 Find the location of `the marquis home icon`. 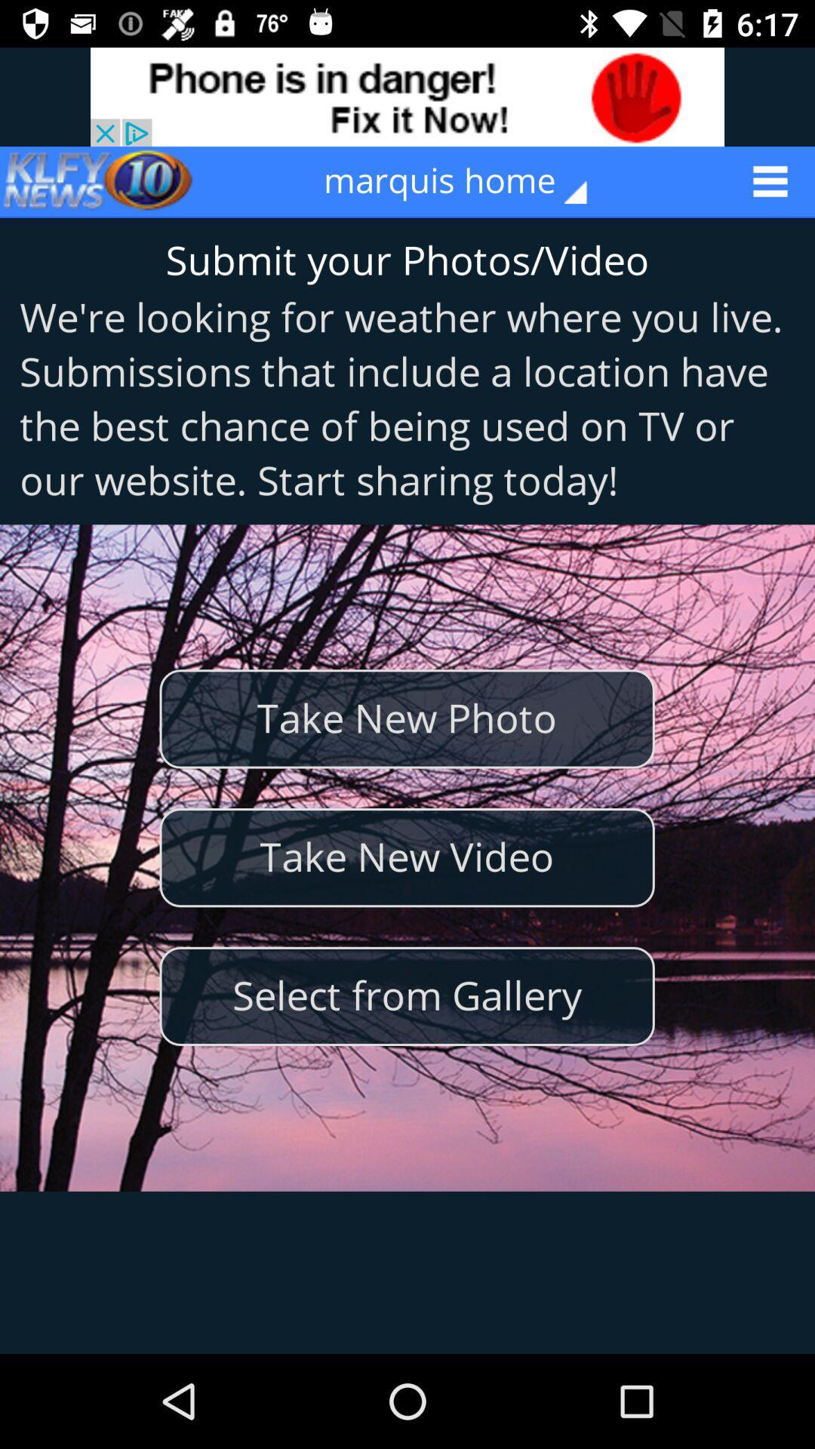

the marquis home icon is located at coordinates (465, 181).